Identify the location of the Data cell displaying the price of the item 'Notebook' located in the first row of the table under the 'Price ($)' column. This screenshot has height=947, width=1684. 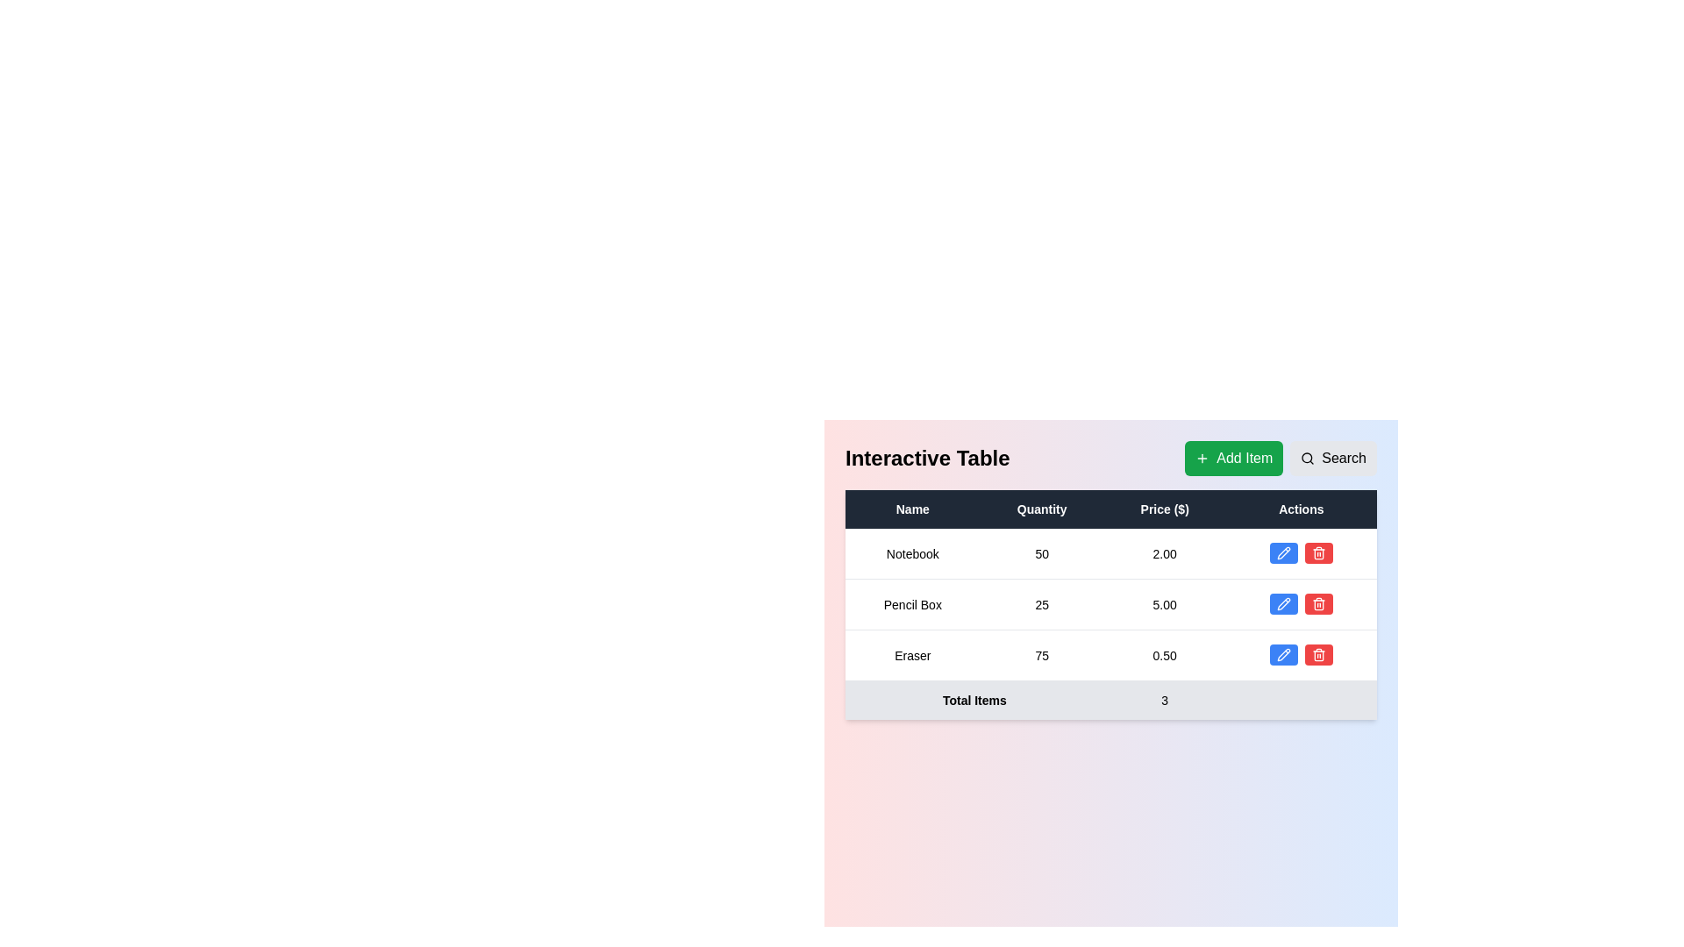
(1165, 553).